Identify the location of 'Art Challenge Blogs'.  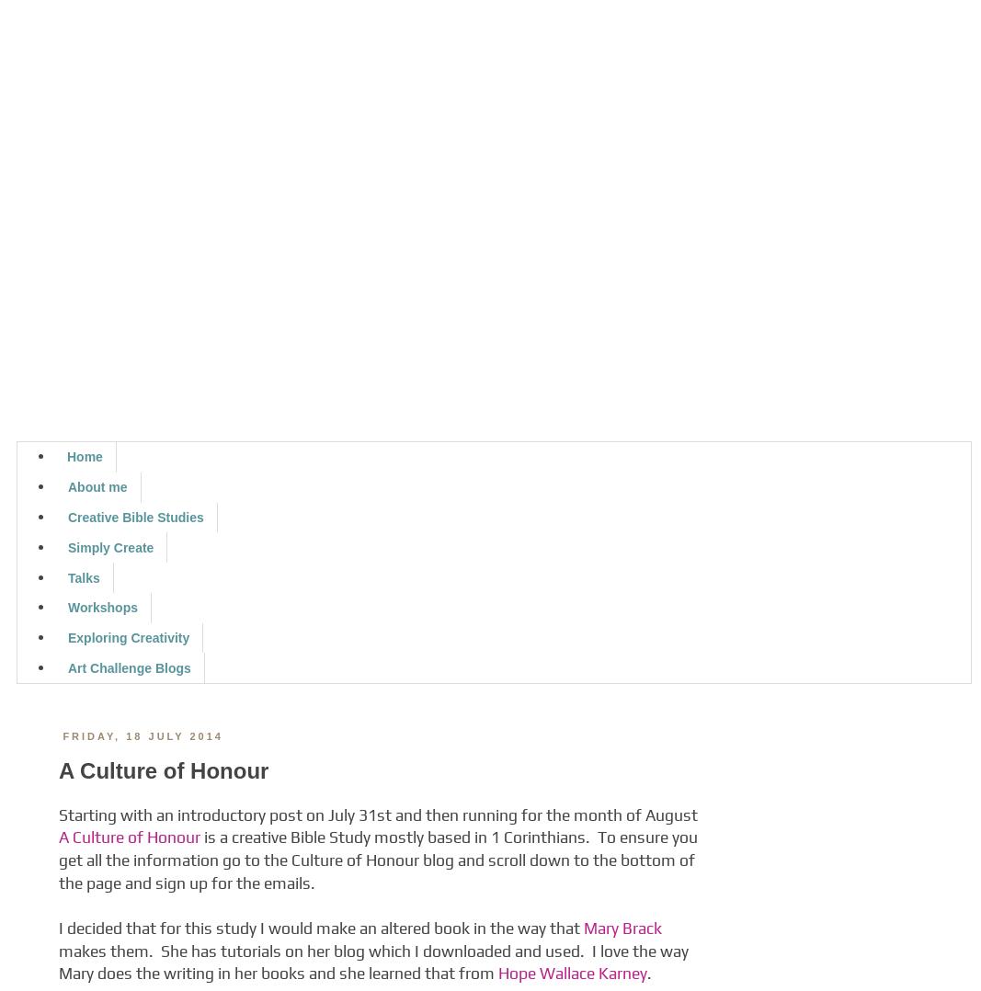
(128, 666).